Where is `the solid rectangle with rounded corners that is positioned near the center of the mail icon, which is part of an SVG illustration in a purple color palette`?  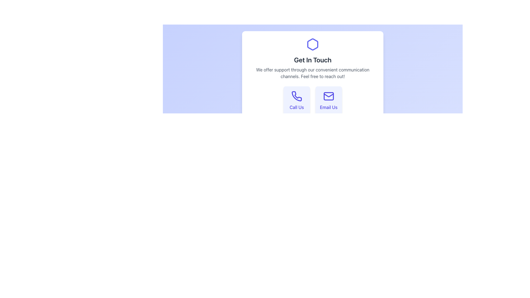 the solid rectangle with rounded corners that is positioned near the center of the mail icon, which is part of an SVG illustration in a purple color palette is located at coordinates (328, 96).